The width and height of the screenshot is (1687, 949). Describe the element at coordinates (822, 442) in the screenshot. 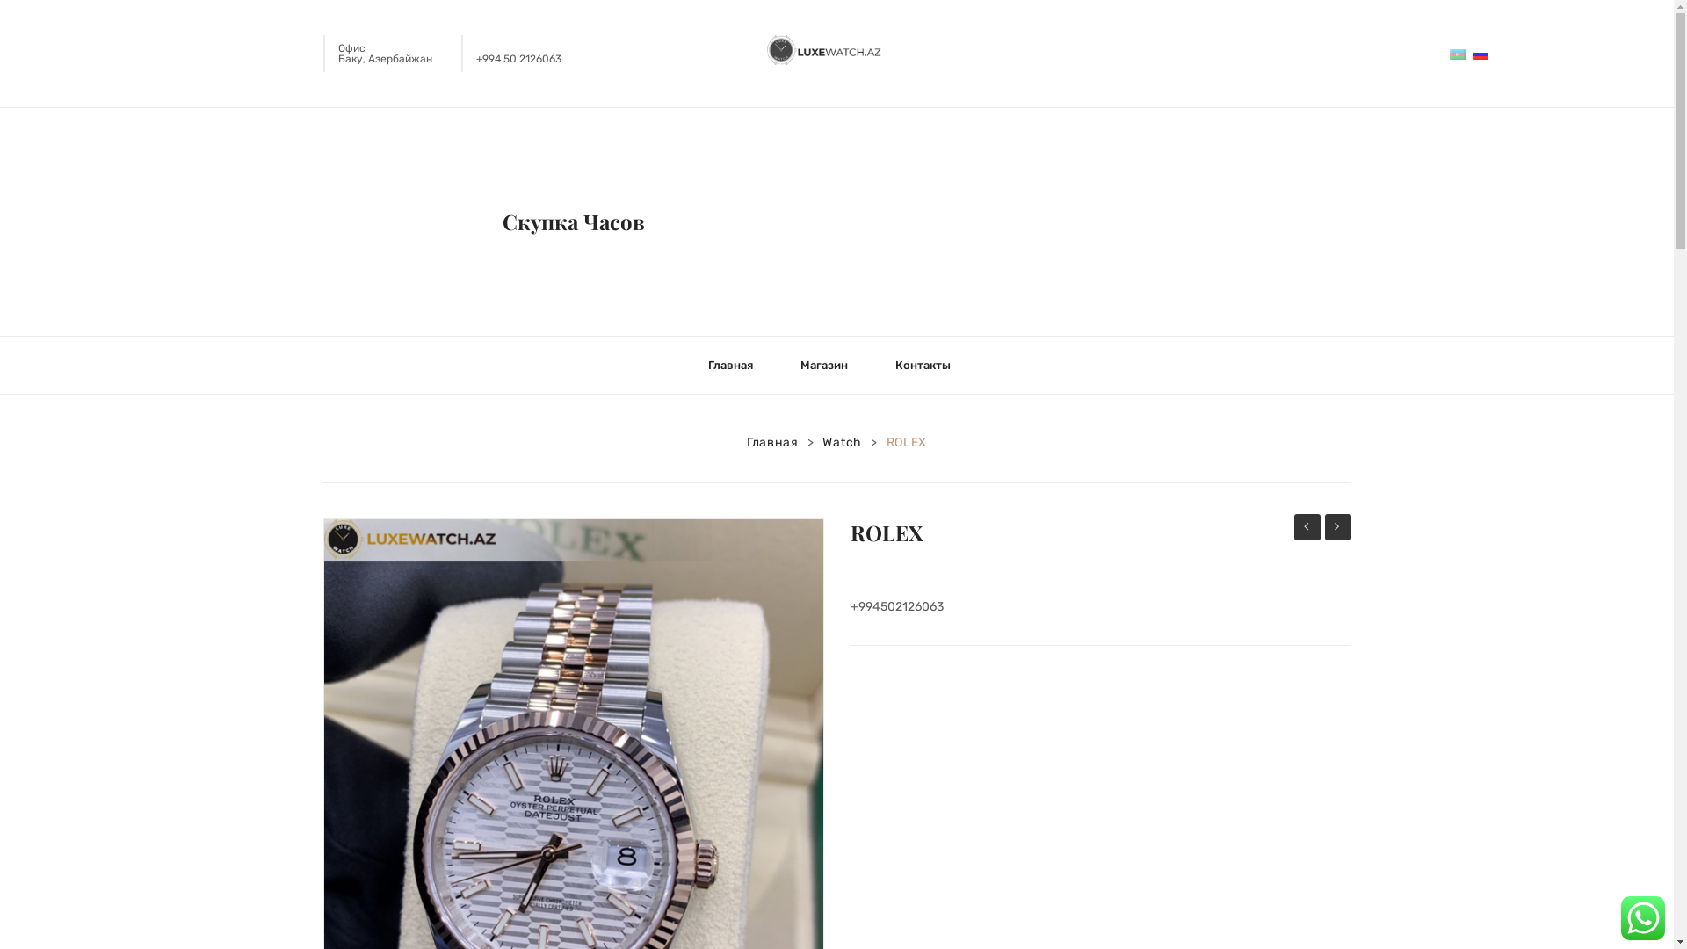

I see `'Watch'` at that location.